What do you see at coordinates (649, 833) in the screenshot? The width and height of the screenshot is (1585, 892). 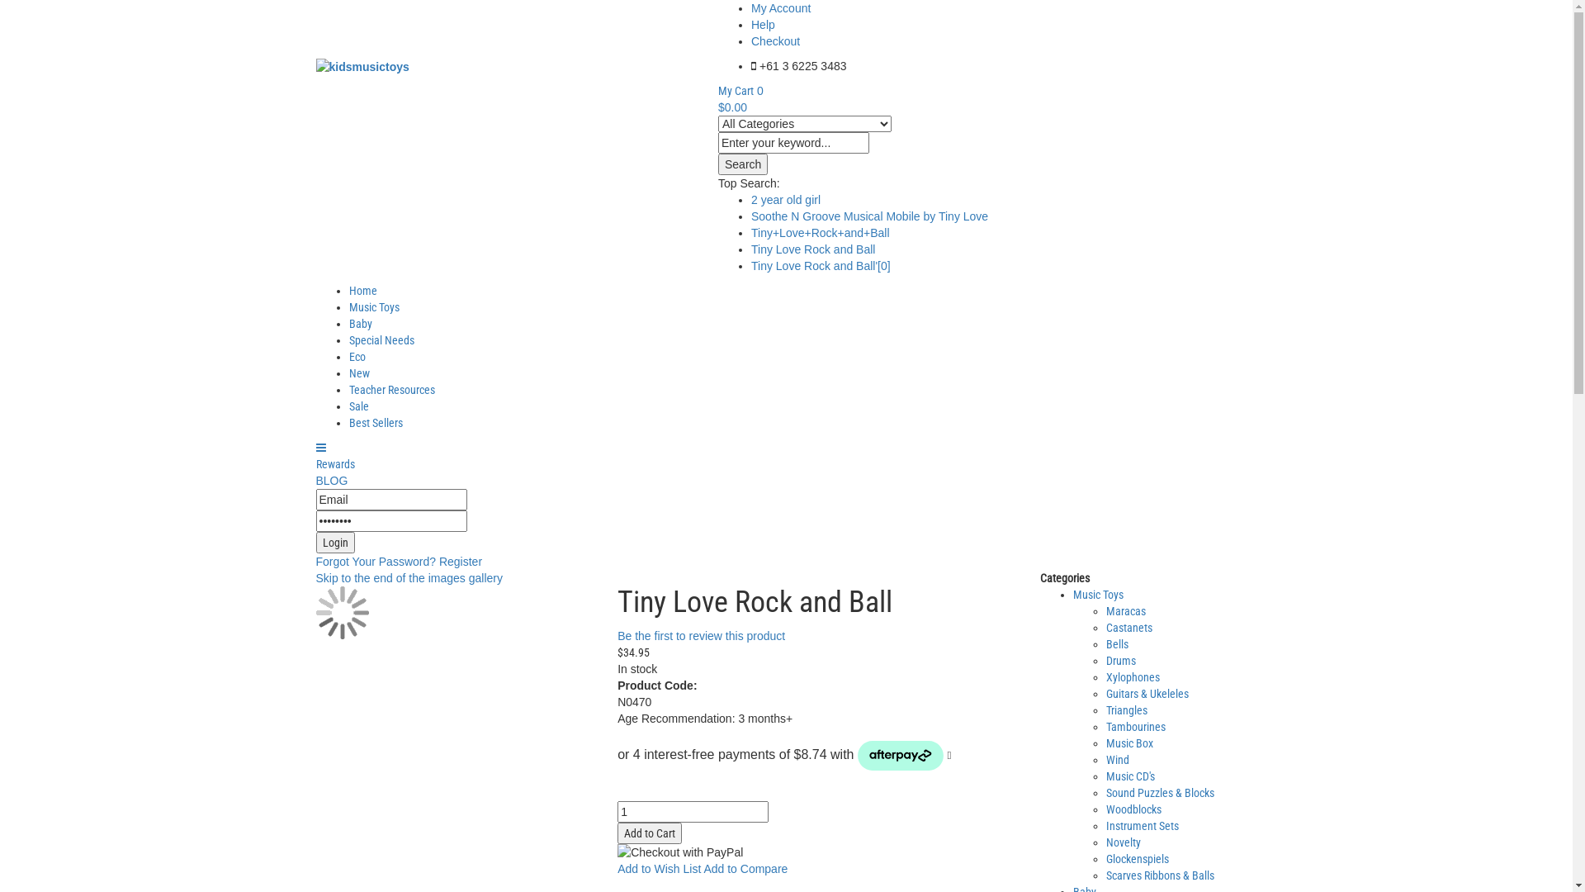 I see `'Add to Cart'` at bounding box center [649, 833].